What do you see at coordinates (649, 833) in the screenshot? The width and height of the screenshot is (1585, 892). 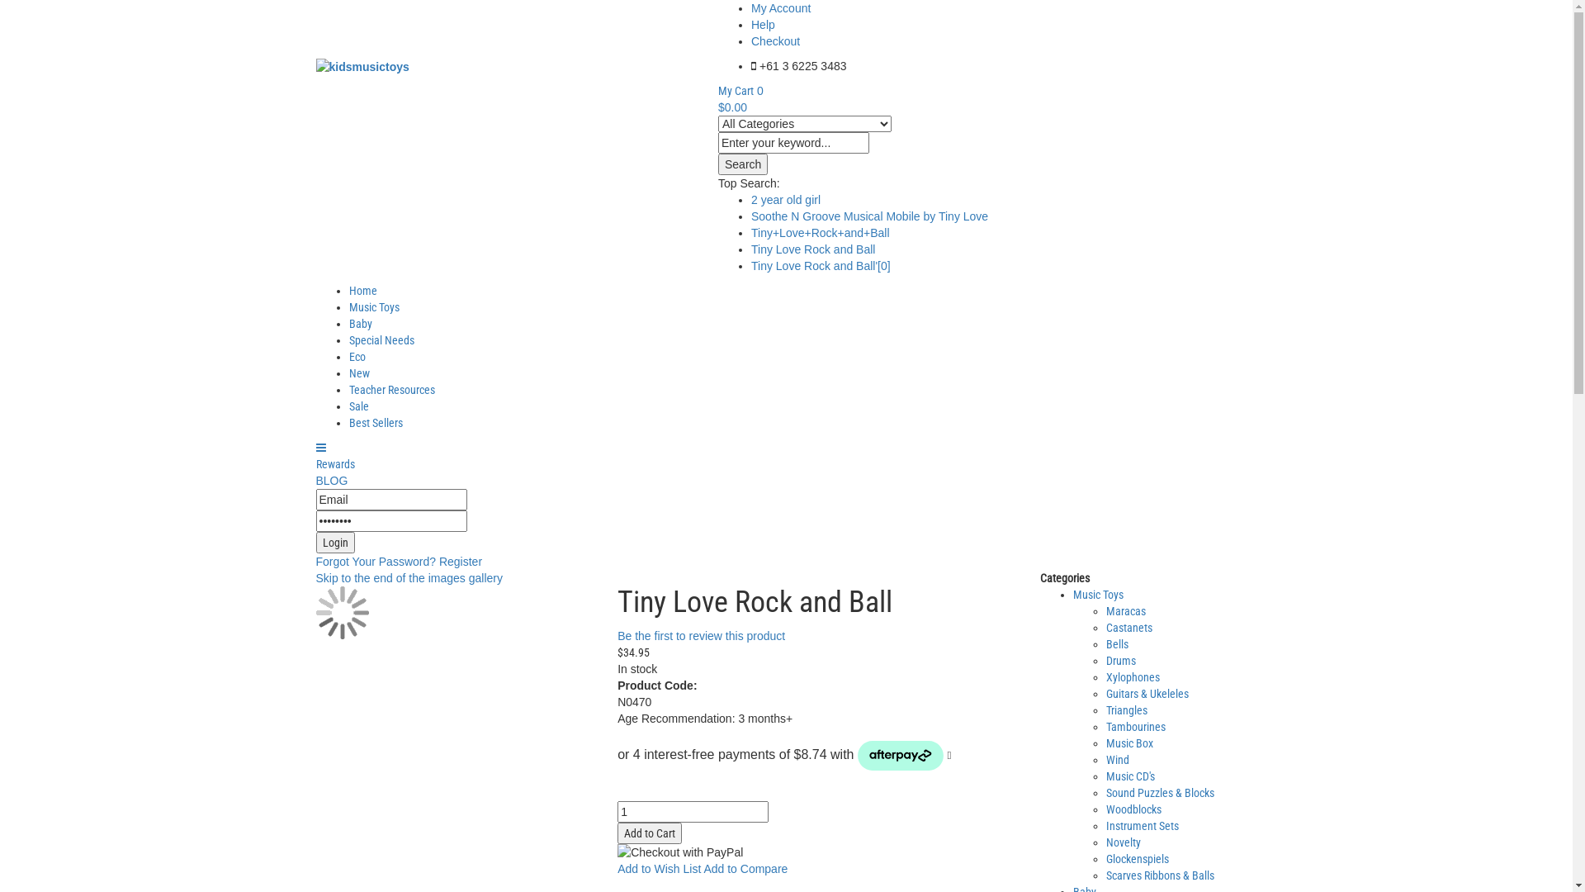 I see `'Add to Cart'` at bounding box center [649, 833].